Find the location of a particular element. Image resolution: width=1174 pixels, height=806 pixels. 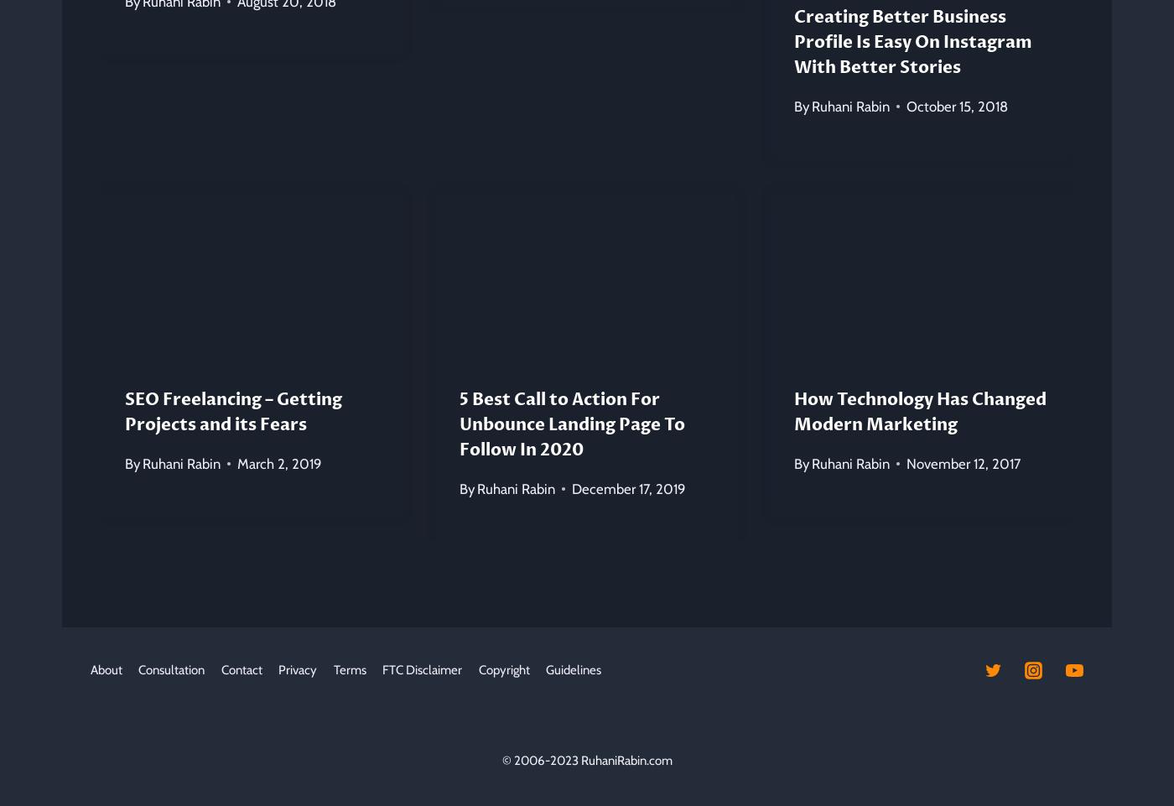

'FTC Disclaimer' is located at coordinates (421, 668).